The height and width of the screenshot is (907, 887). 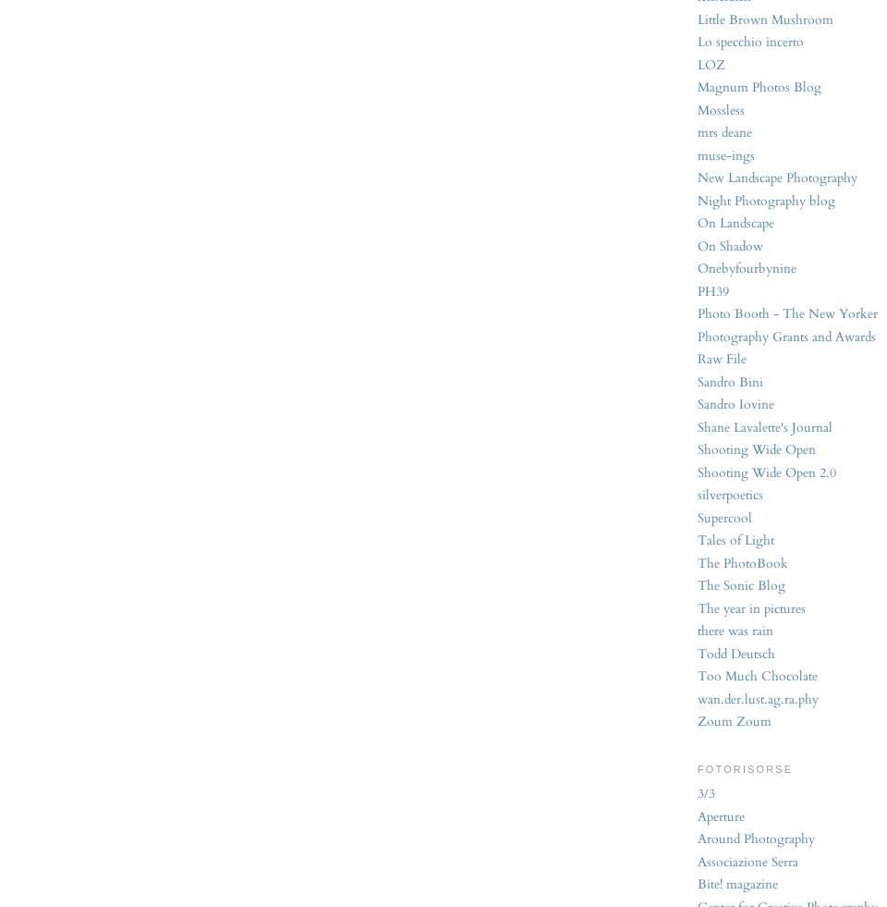 I want to click on 'Photo Booth - The New Yorker', so click(x=786, y=313).